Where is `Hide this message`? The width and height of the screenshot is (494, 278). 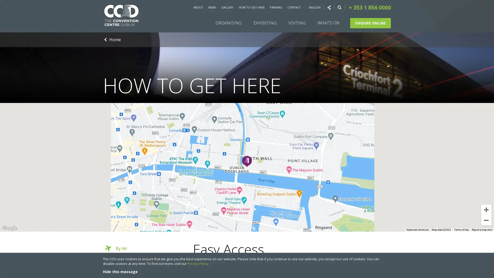
Hide this message is located at coordinates (120, 271).